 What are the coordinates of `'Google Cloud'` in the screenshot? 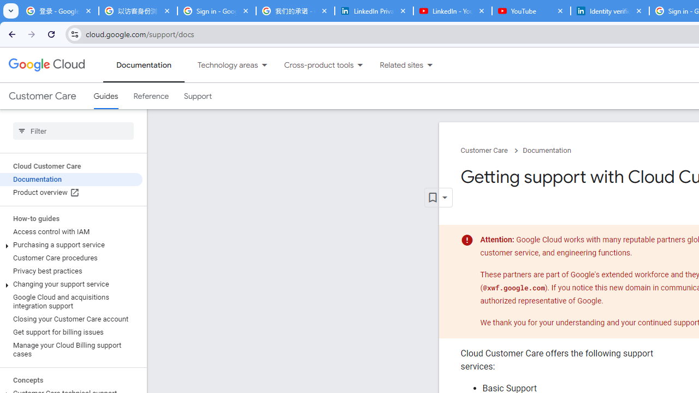 It's located at (46, 65).